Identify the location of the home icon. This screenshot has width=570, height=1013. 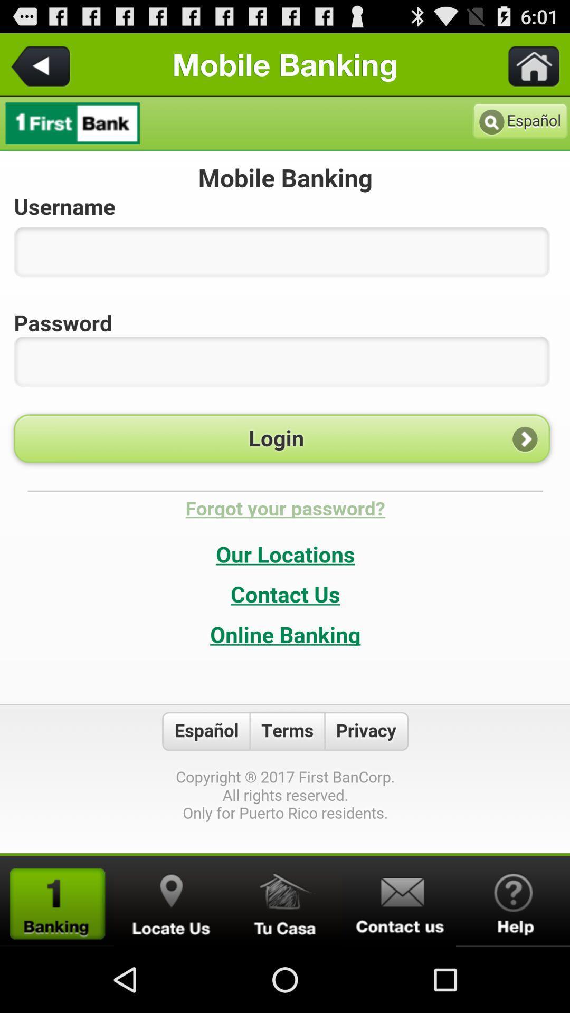
(285, 964).